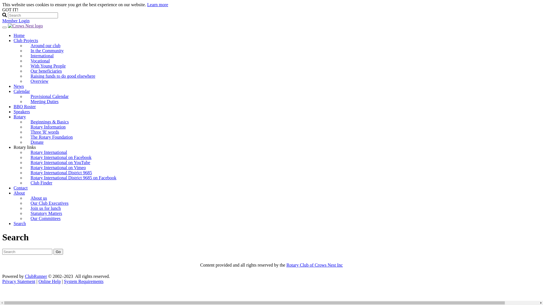 This screenshot has height=305, width=543. What do you see at coordinates (58, 251) in the screenshot?
I see `'Go'` at bounding box center [58, 251].